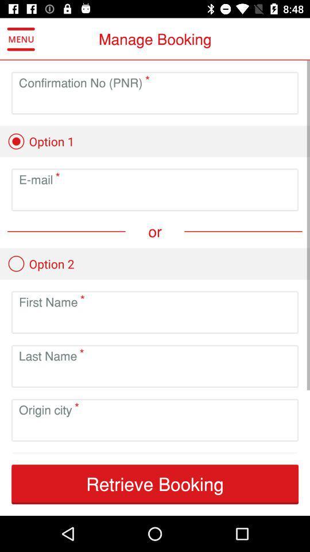  Describe the element at coordinates (40, 263) in the screenshot. I see `option 2` at that location.